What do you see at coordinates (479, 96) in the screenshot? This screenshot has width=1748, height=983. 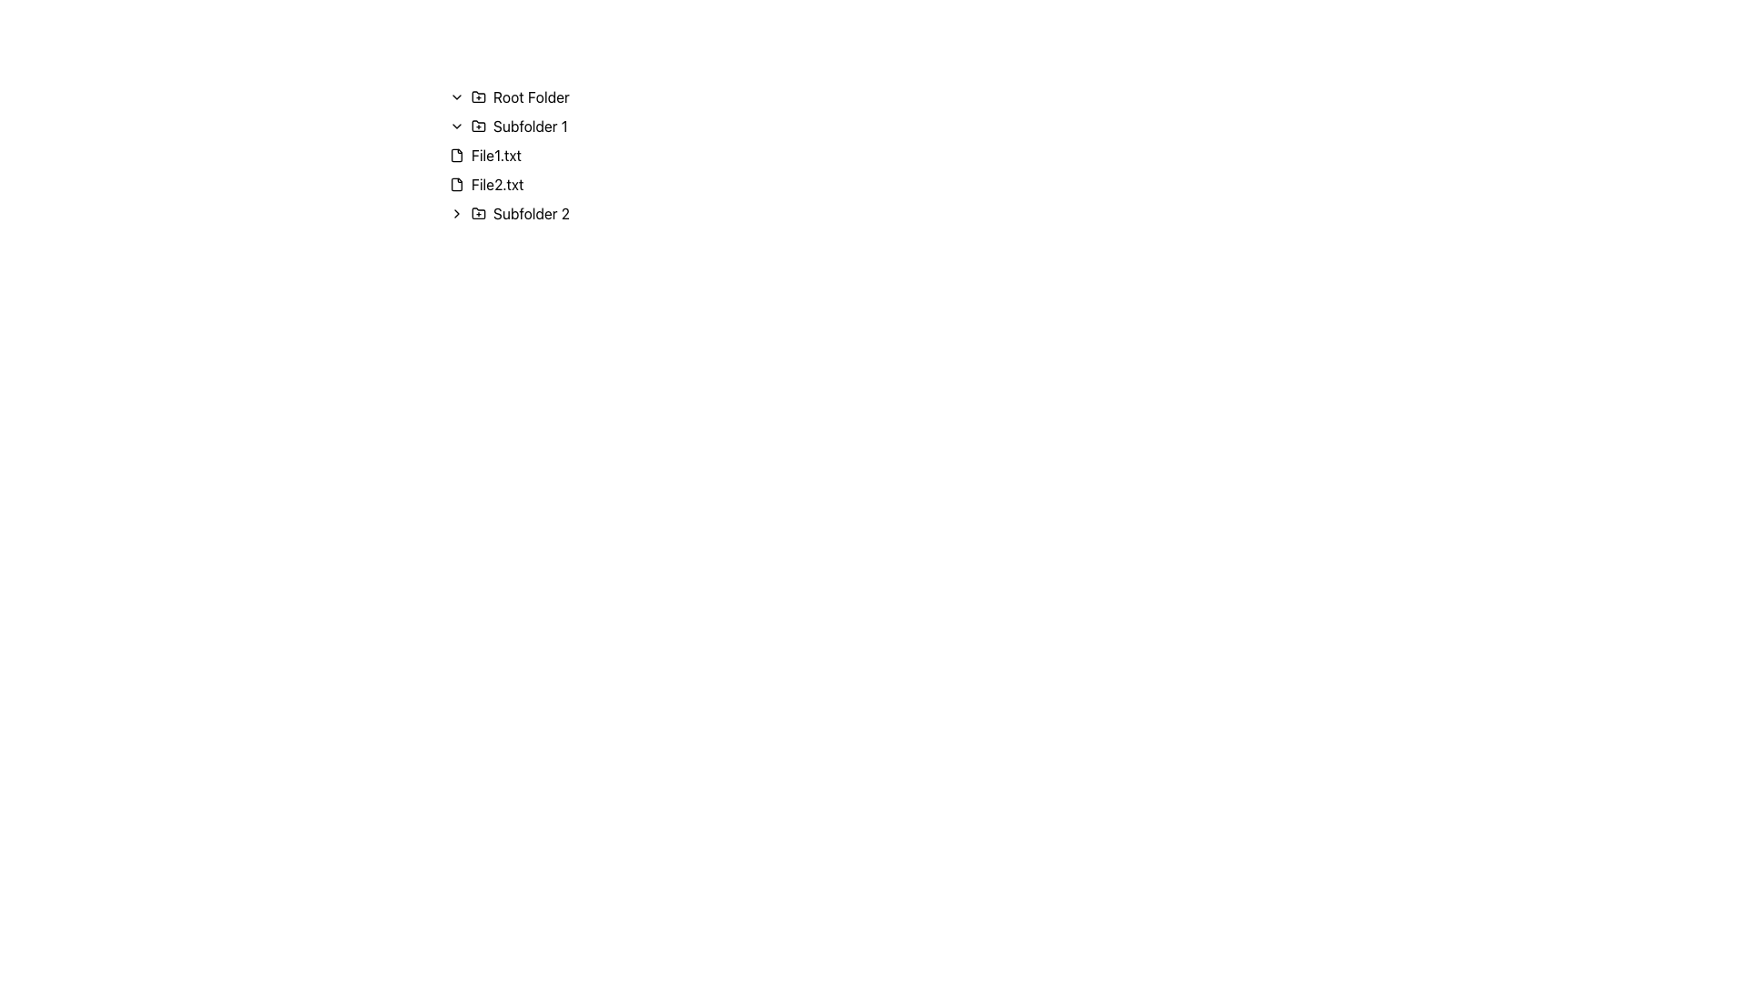 I see `the folder icon with a plus sign next to the 'Root Folder' text label` at bounding box center [479, 96].